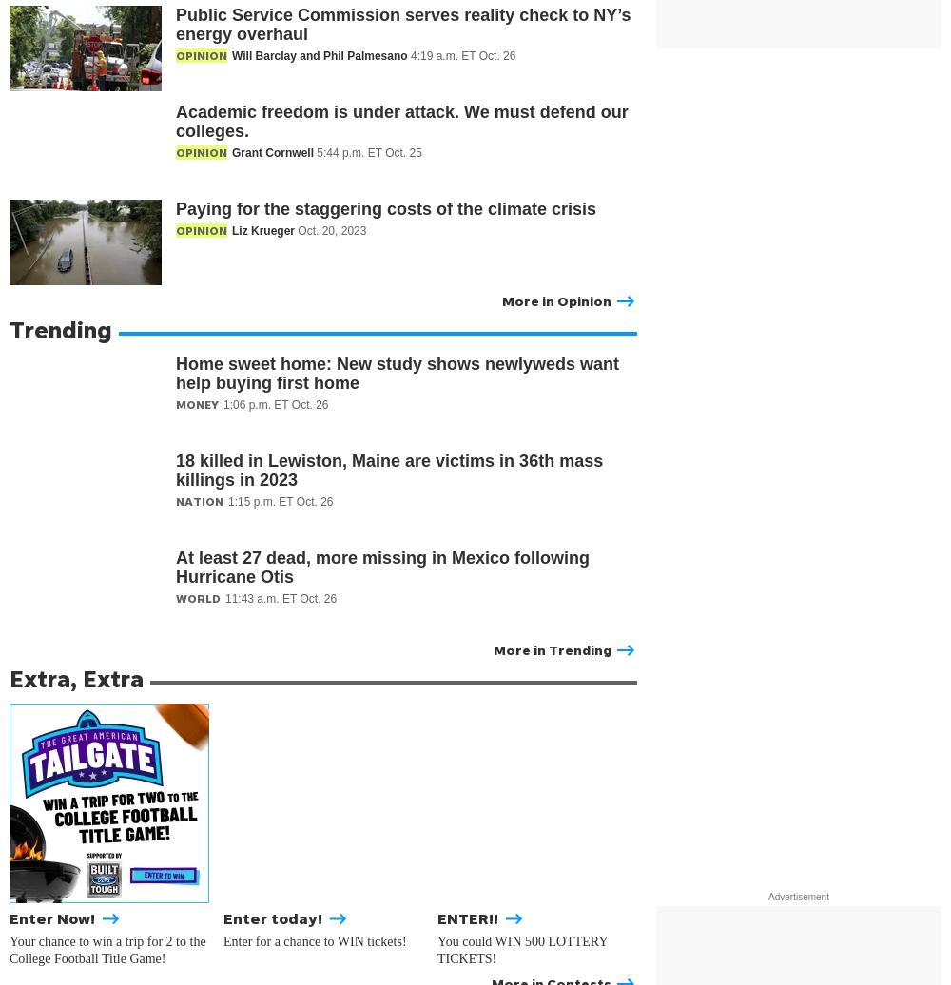 The width and height of the screenshot is (951, 985). Describe the element at coordinates (320, 55) in the screenshot. I see `'Will Barclay and Phil Palmesano'` at that location.